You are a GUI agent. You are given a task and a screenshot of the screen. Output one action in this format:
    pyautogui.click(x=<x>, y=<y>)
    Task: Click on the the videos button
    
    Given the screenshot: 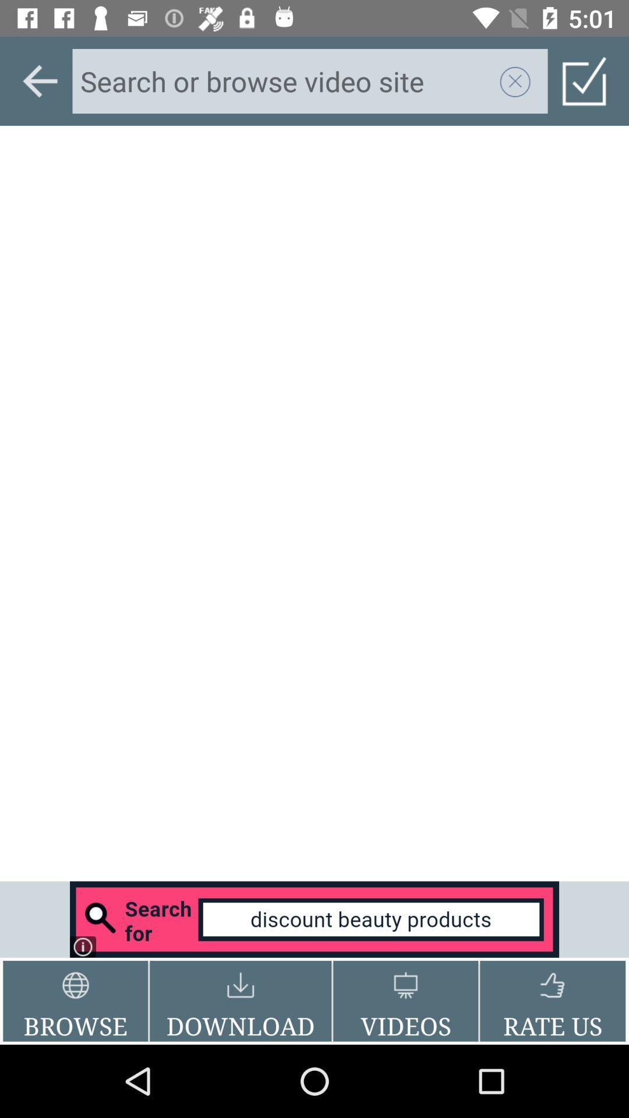 What is the action you would take?
    pyautogui.click(x=405, y=1000)
    